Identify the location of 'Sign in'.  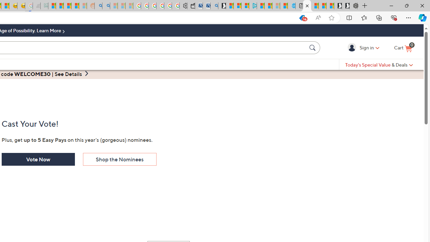
(352, 47).